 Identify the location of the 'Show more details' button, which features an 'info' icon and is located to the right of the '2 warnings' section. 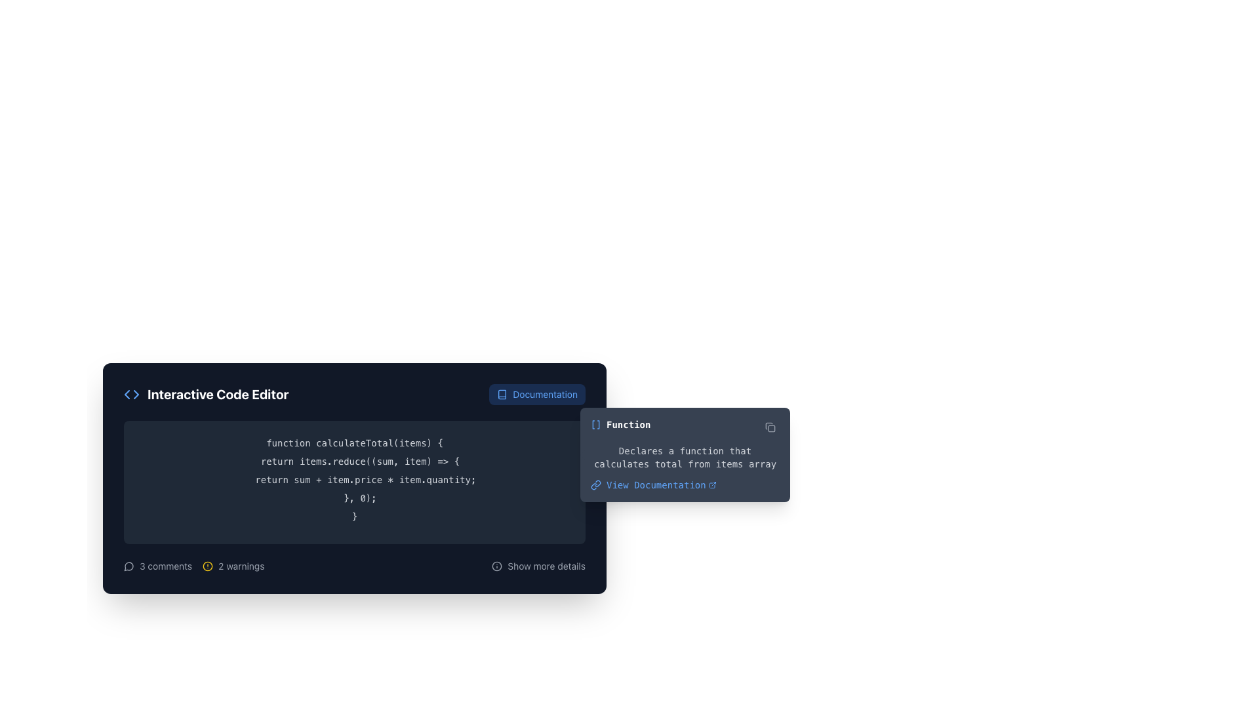
(538, 566).